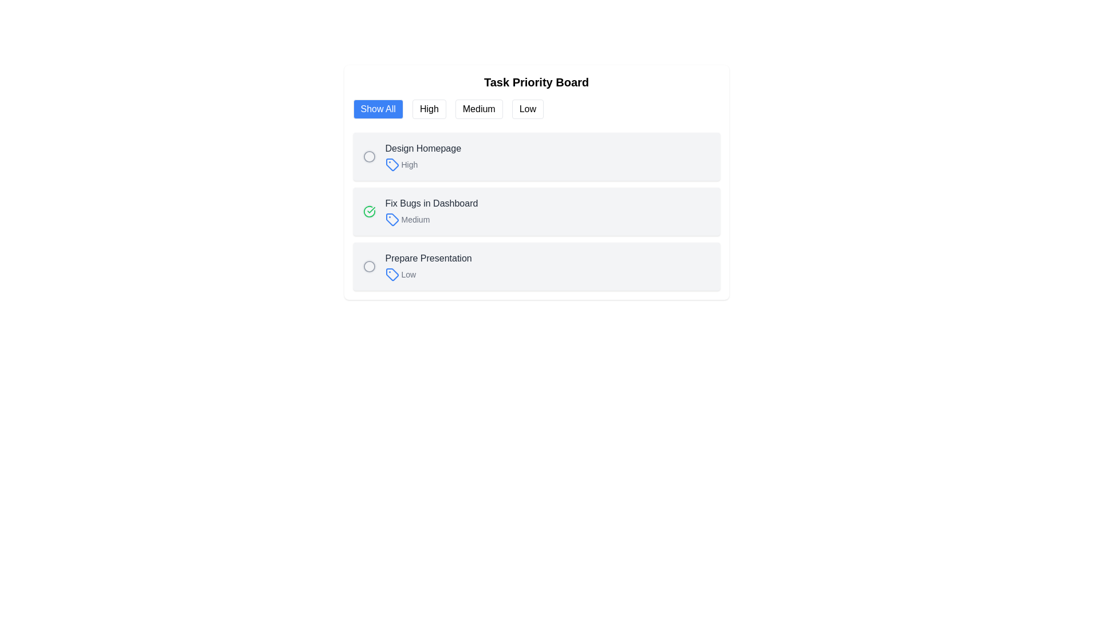 The width and height of the screenshot is (1100, 618). I want to click on the topmost item in the task priority list labeled 'Design Homepage', so click(411, 156).